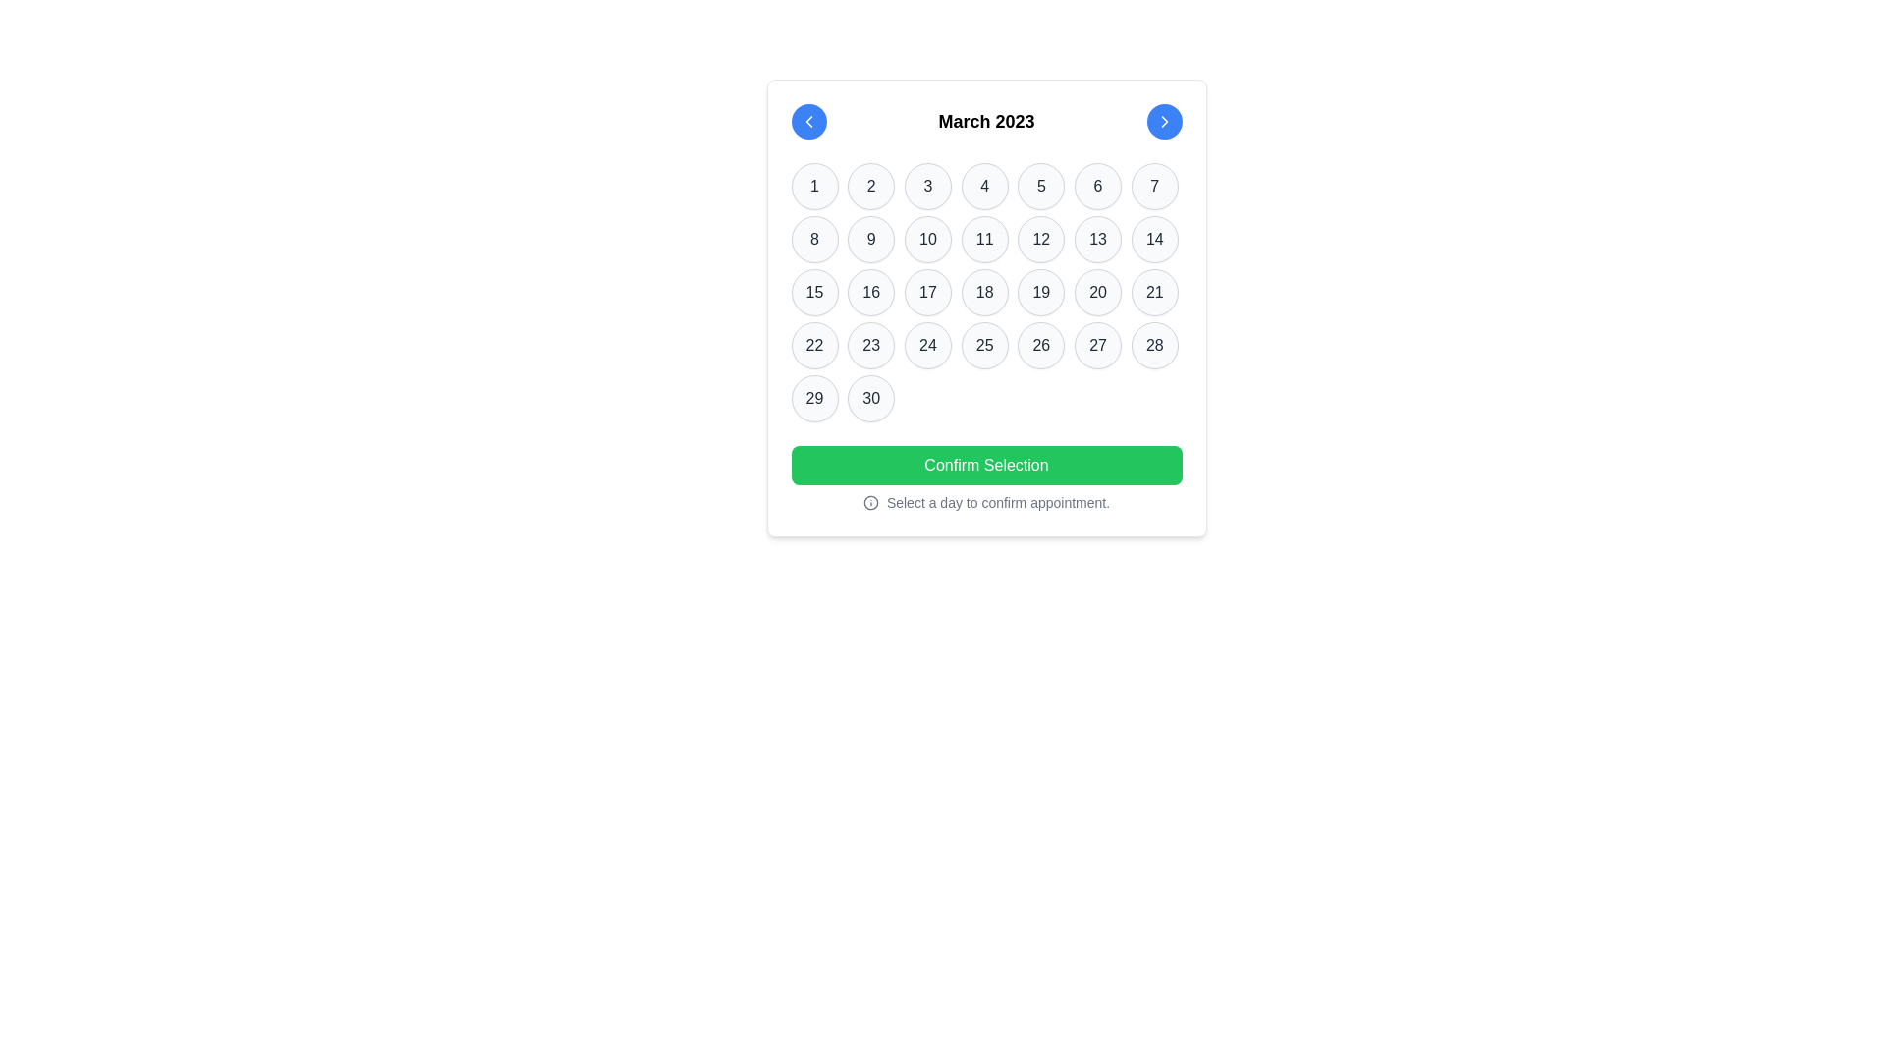 The height and width of the screenshot is (1061, 1886). I want to click on the circular button representing the date '19' in the calendar layout, so click(1040, 292).